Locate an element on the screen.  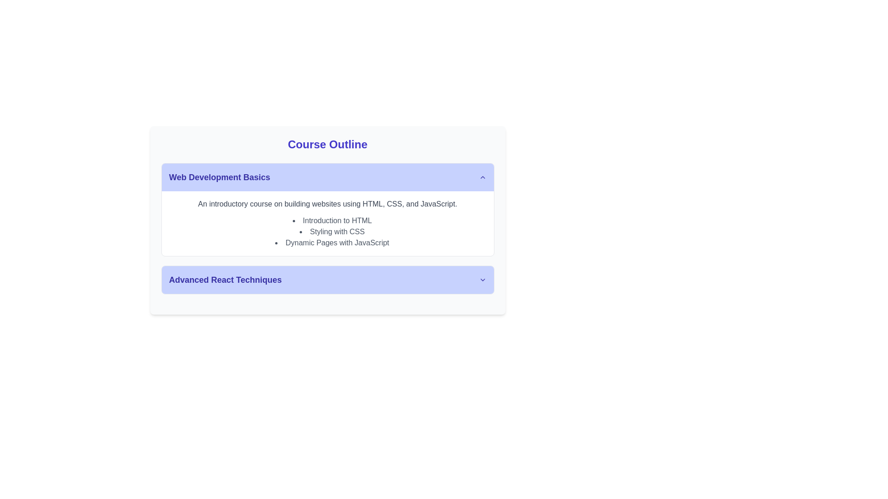
the collapsible sections of the 'Course Outline' panel, which includes 'Web Development Basics' and 'Advanced React Techniques' is located at coordinates (327, 221).